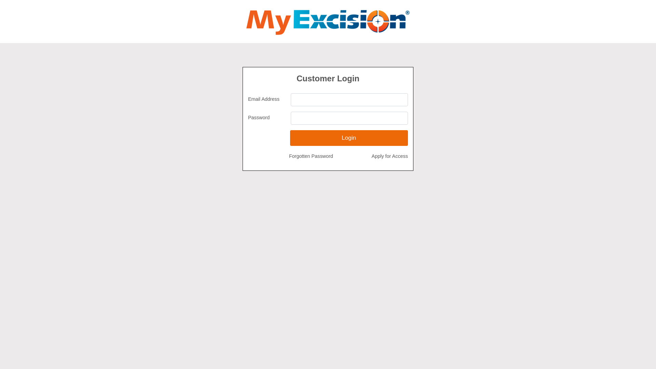 The height and width of the screenshot is (369, 656). What do you see at coordinates (311, 156) in the screenshot?
I see `'Forgotten Password'` at bounding box center [311, 156].